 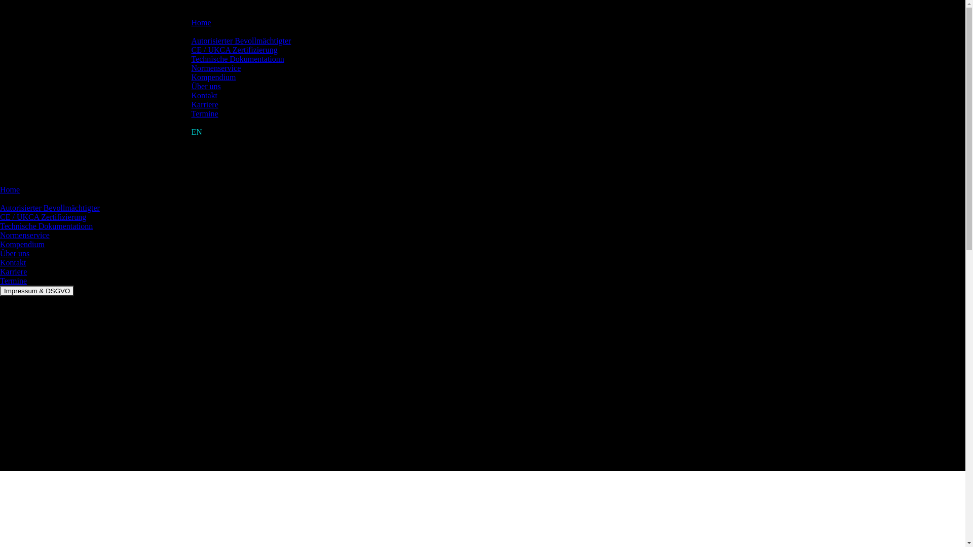 I want to click on 'EN', so click(x=197, y=131).